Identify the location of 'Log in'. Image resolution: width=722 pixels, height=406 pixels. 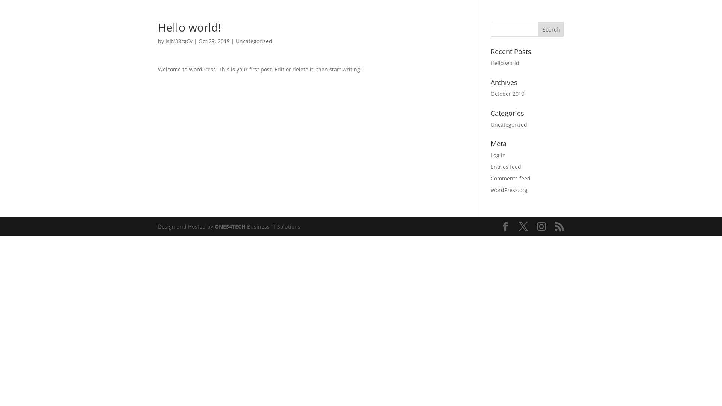
(498, 155).